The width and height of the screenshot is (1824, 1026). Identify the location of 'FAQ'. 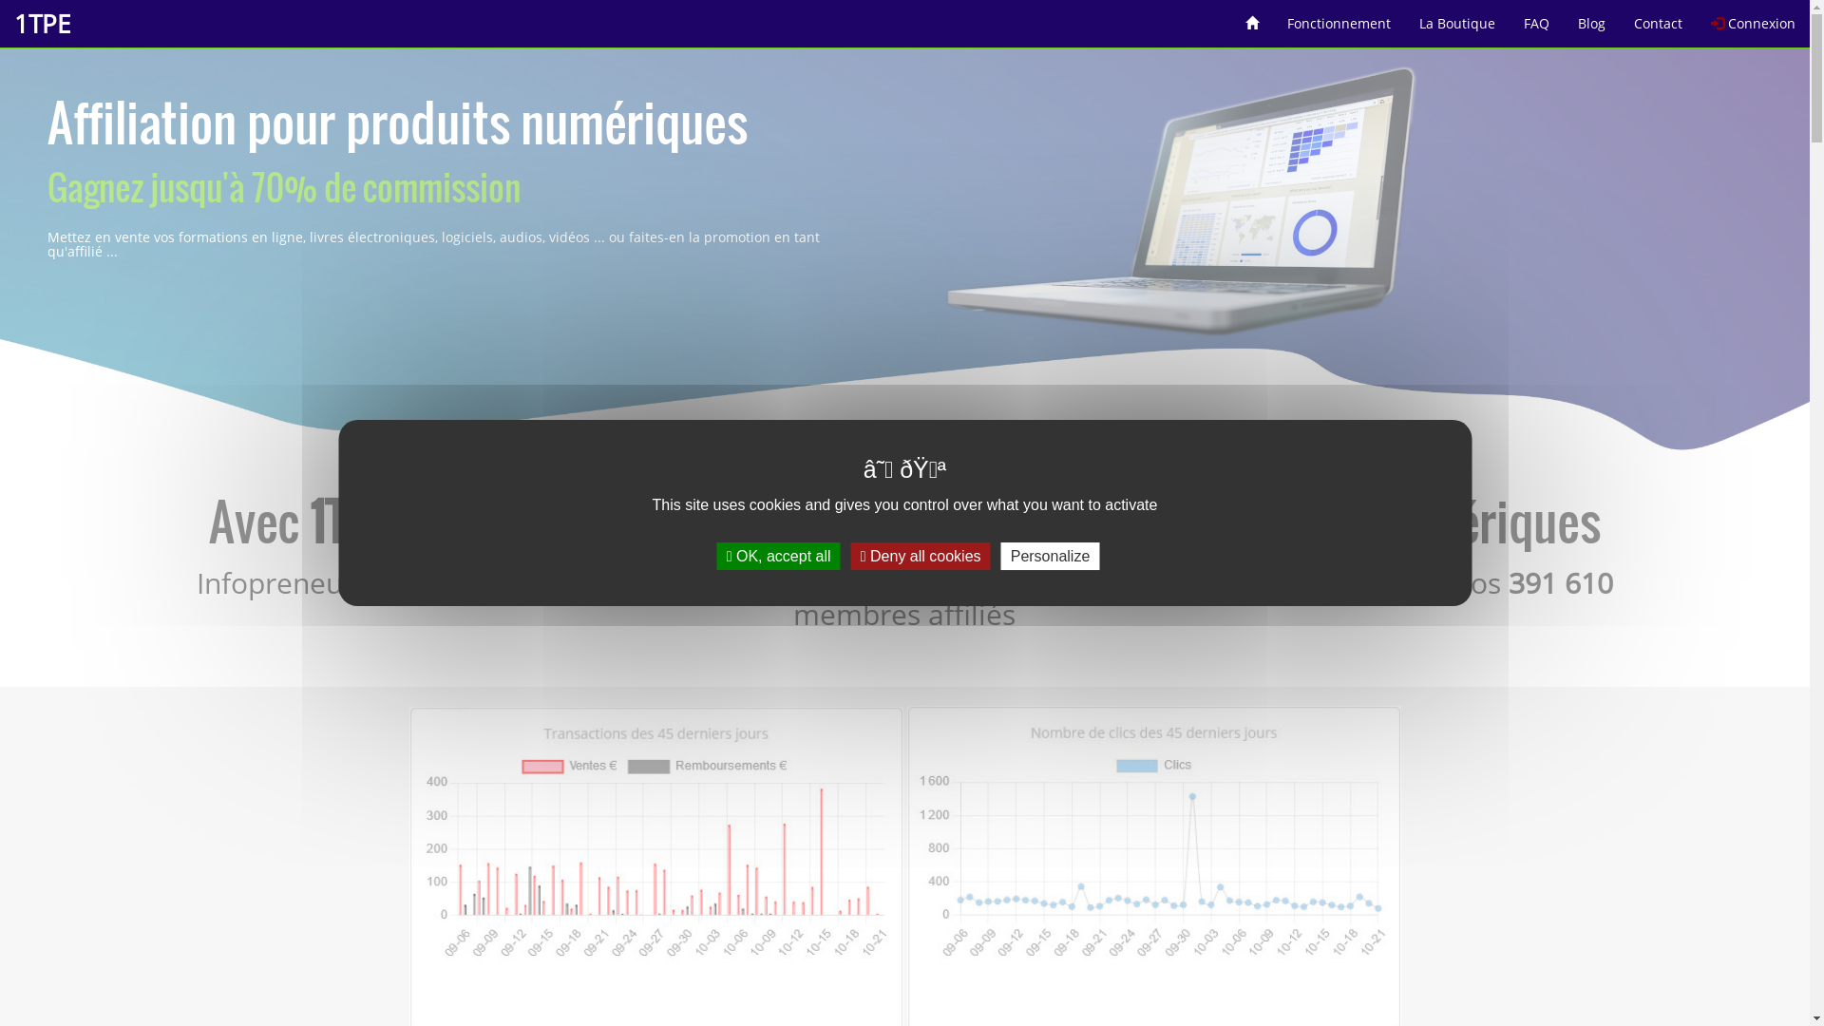
(1508, 16).